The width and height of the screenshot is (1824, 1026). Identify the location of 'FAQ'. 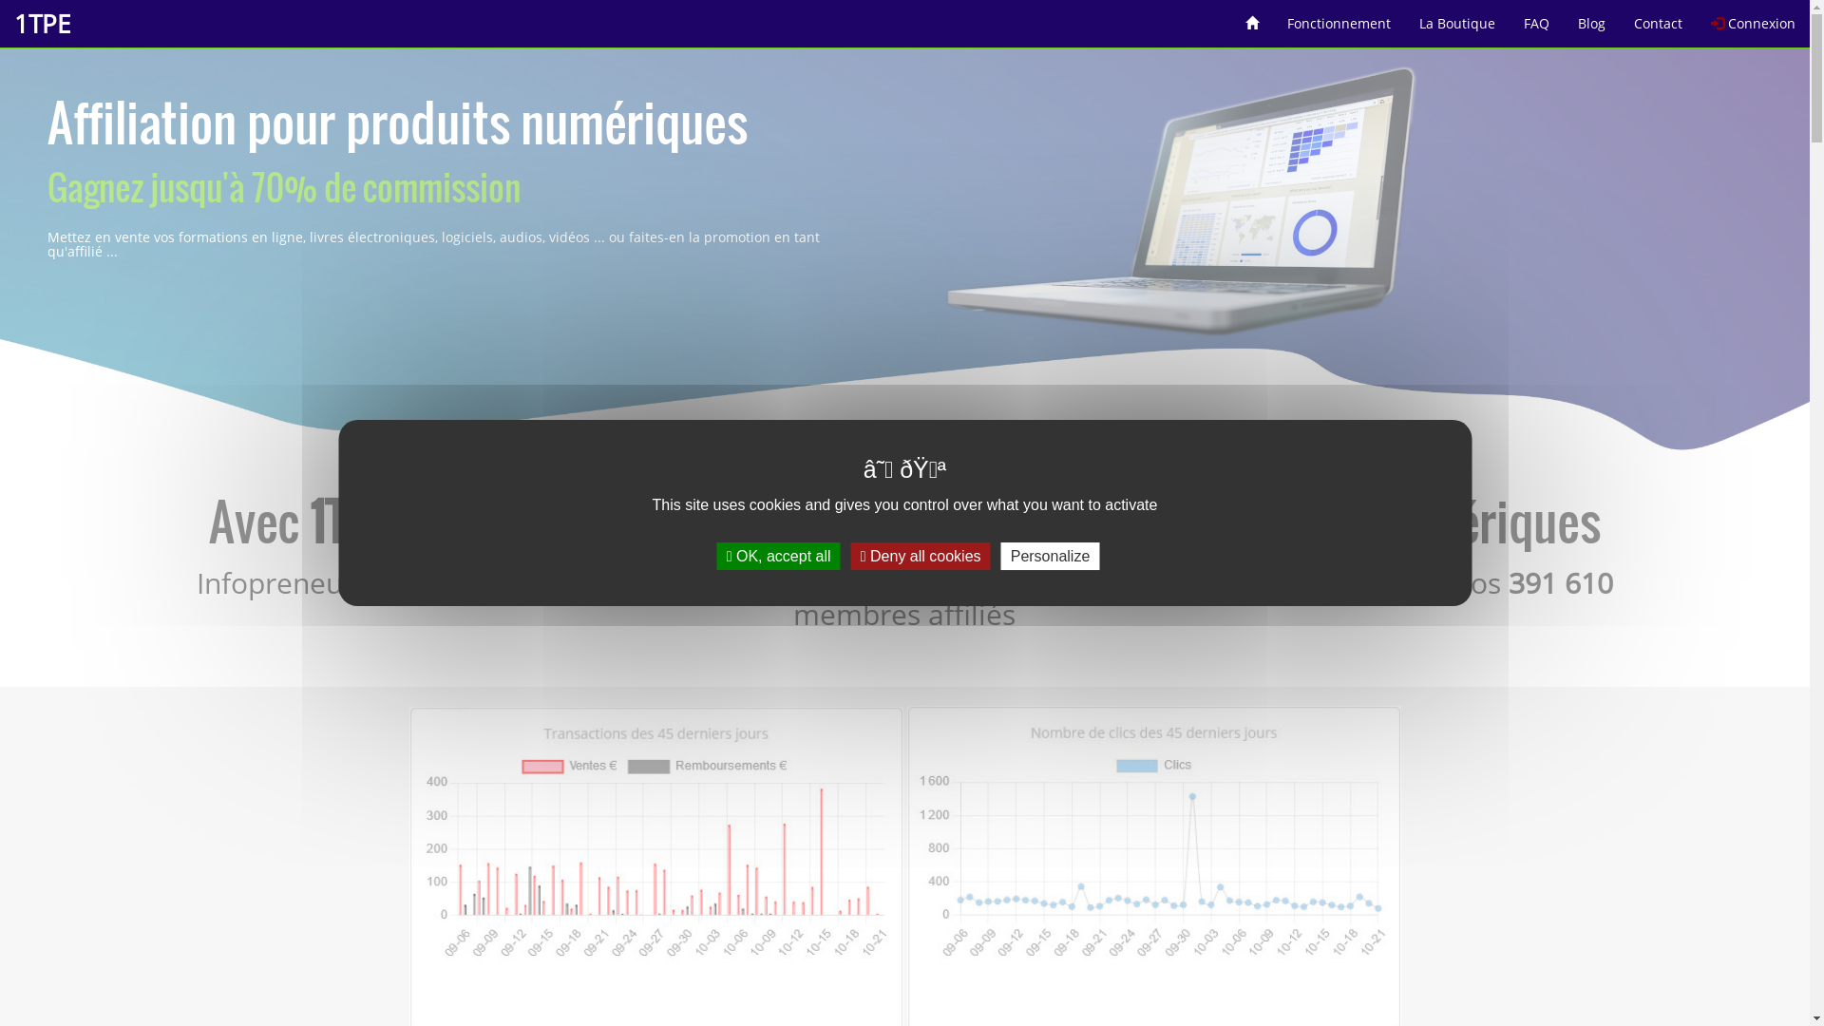
(1508, 16).